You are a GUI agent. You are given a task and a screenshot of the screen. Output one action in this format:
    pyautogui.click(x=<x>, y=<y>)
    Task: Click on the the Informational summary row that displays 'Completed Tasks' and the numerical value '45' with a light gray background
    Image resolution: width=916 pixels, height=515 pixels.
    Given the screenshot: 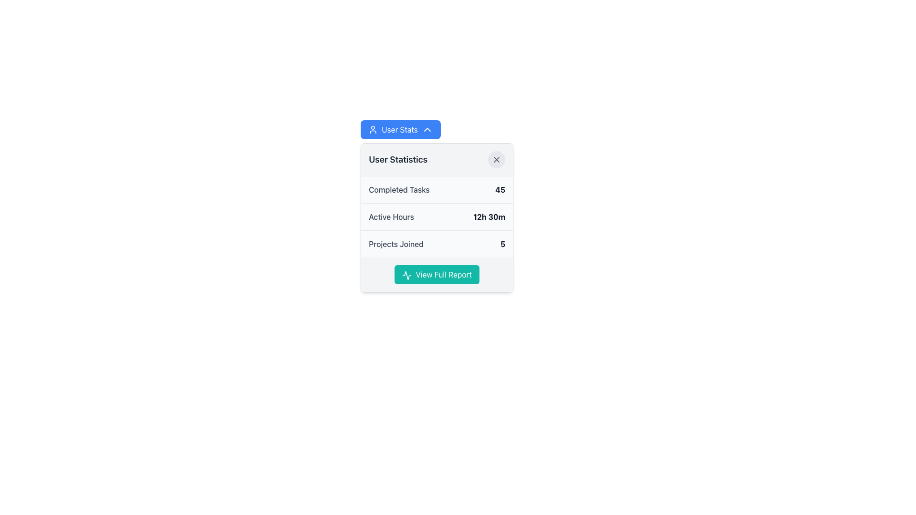 What is the action you would take?
    pyautogui.click(x=437, y=189)
    